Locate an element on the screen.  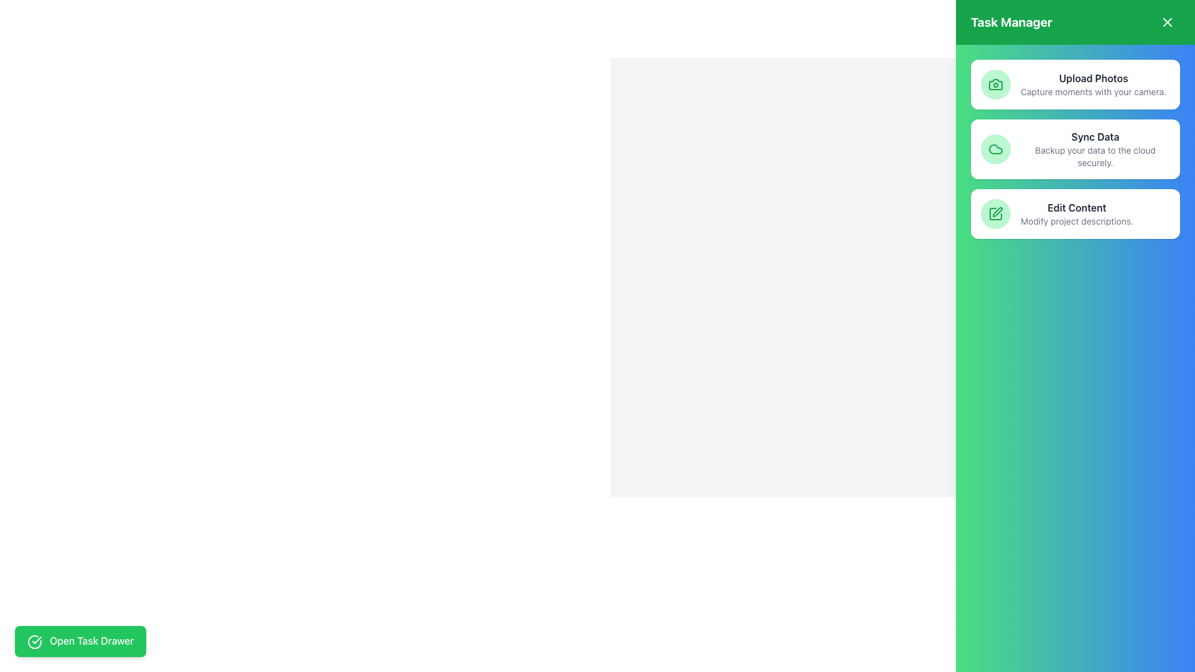
the text label reading 'Capture moments with your camera.' which is located beneath the bold 'Upload Photos' text in the 'Task Manager' navigation card is located at coordinates (1093, 91).